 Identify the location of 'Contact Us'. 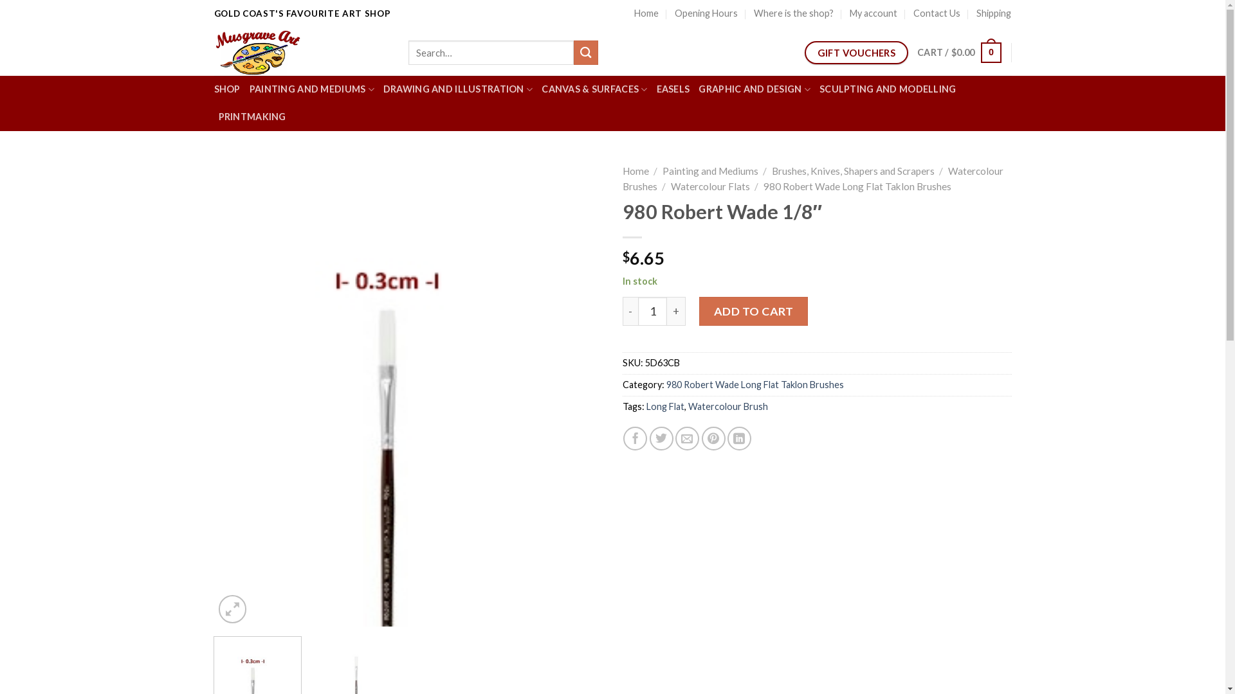
(913, 13).